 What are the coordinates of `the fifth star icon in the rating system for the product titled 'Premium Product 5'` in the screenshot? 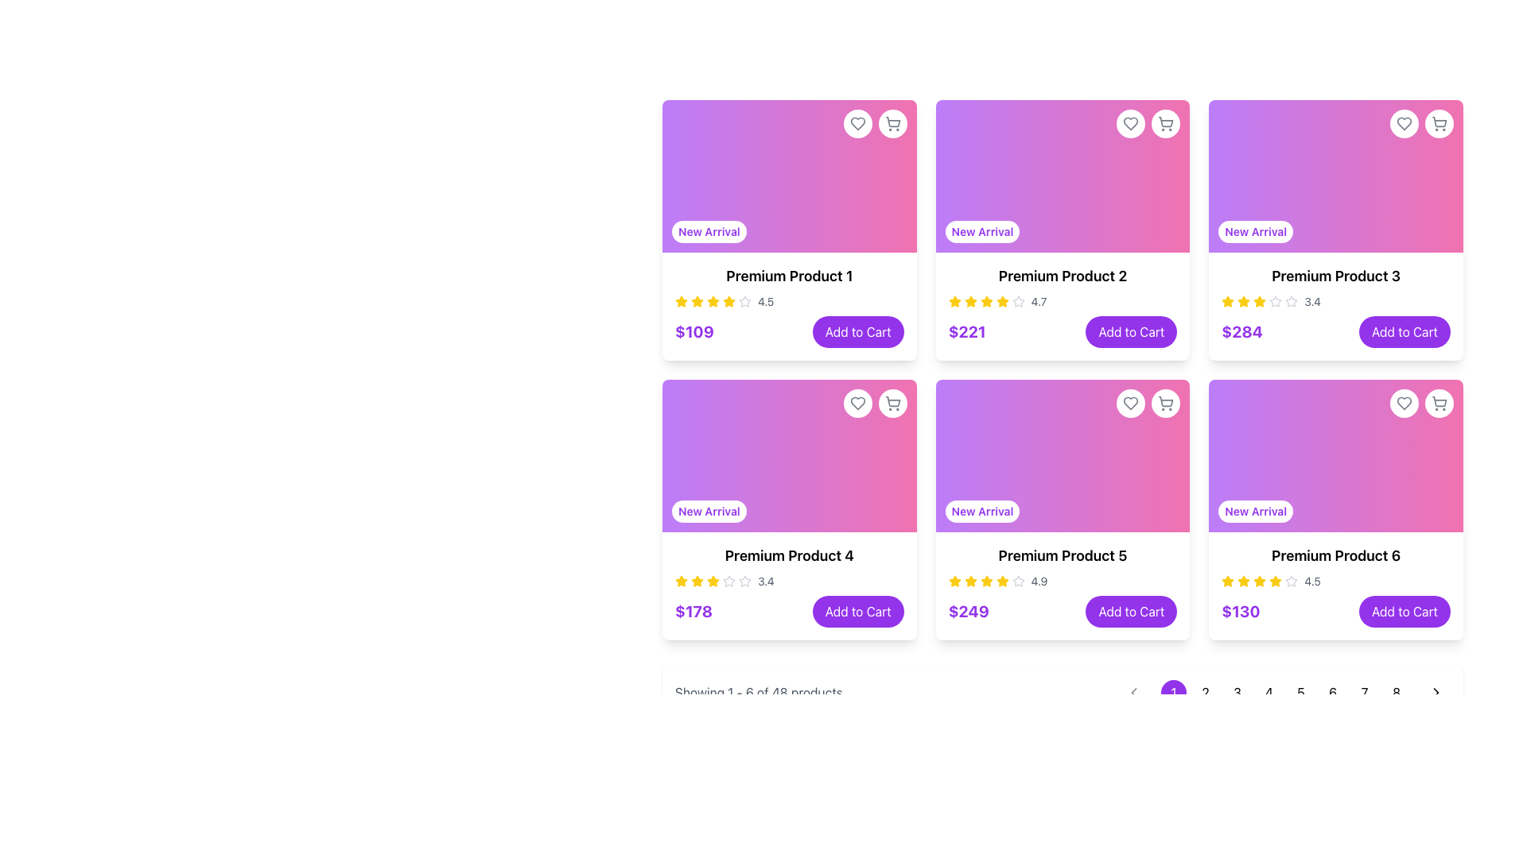 It's located at (969, 581).